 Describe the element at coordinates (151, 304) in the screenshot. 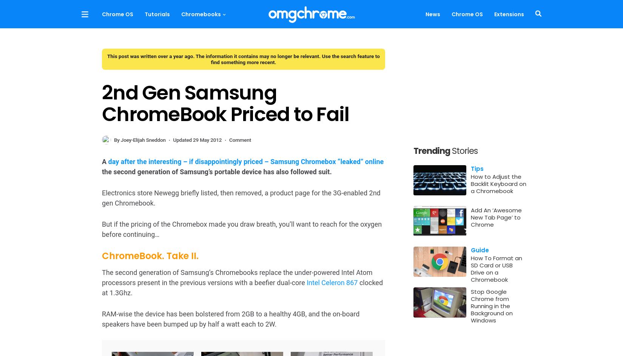

I see `'$549.99'` at that location.